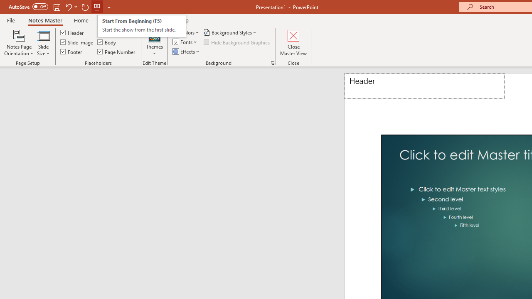  I want to click on 'Hide Background Graphics', so click(236, 42).